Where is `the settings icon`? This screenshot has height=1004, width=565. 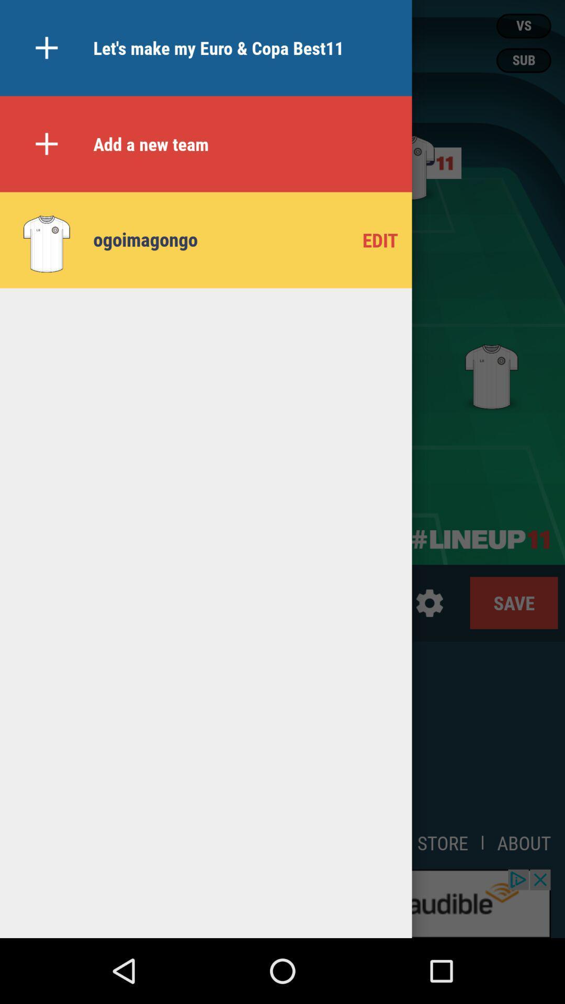 the settings icon is located at coordinates (430, 603).